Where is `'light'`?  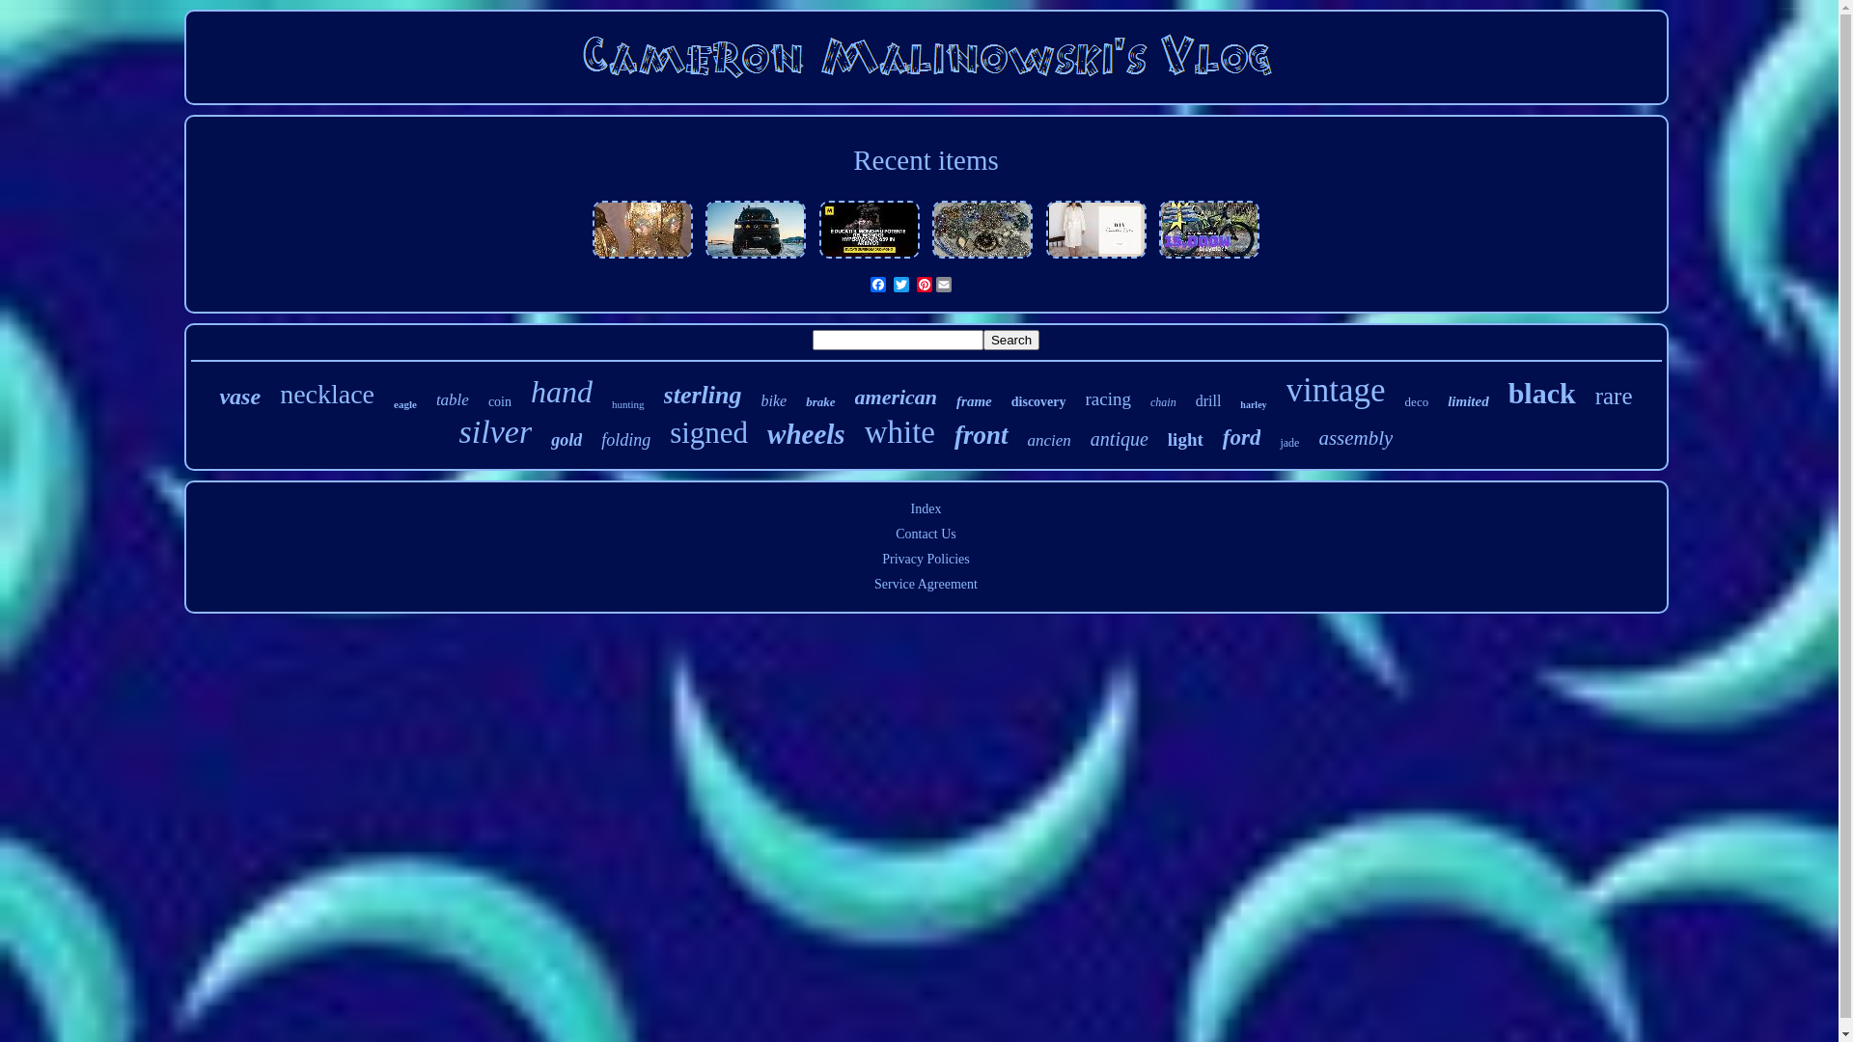 'light' is located at coordinates (1184, 439).